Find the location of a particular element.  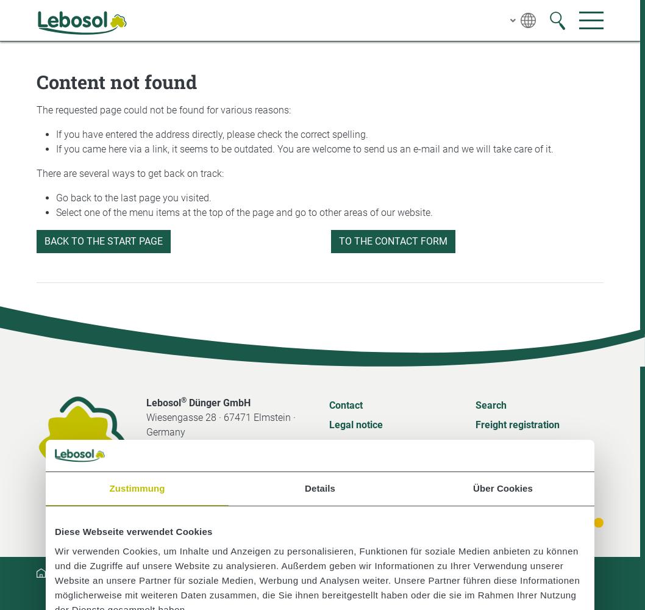

'Über Cookies' is located at coordinates (502, 488).